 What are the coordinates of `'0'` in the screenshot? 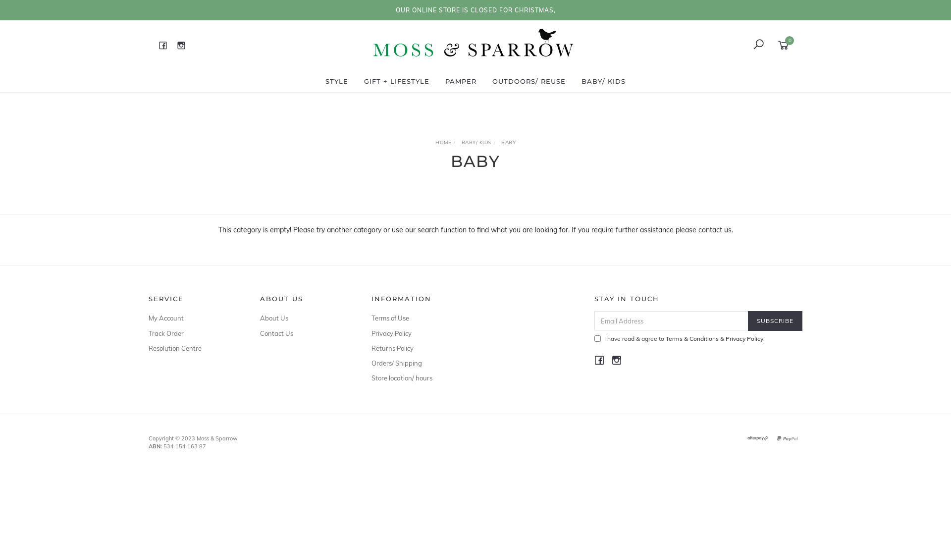 It's located at (785, 44).